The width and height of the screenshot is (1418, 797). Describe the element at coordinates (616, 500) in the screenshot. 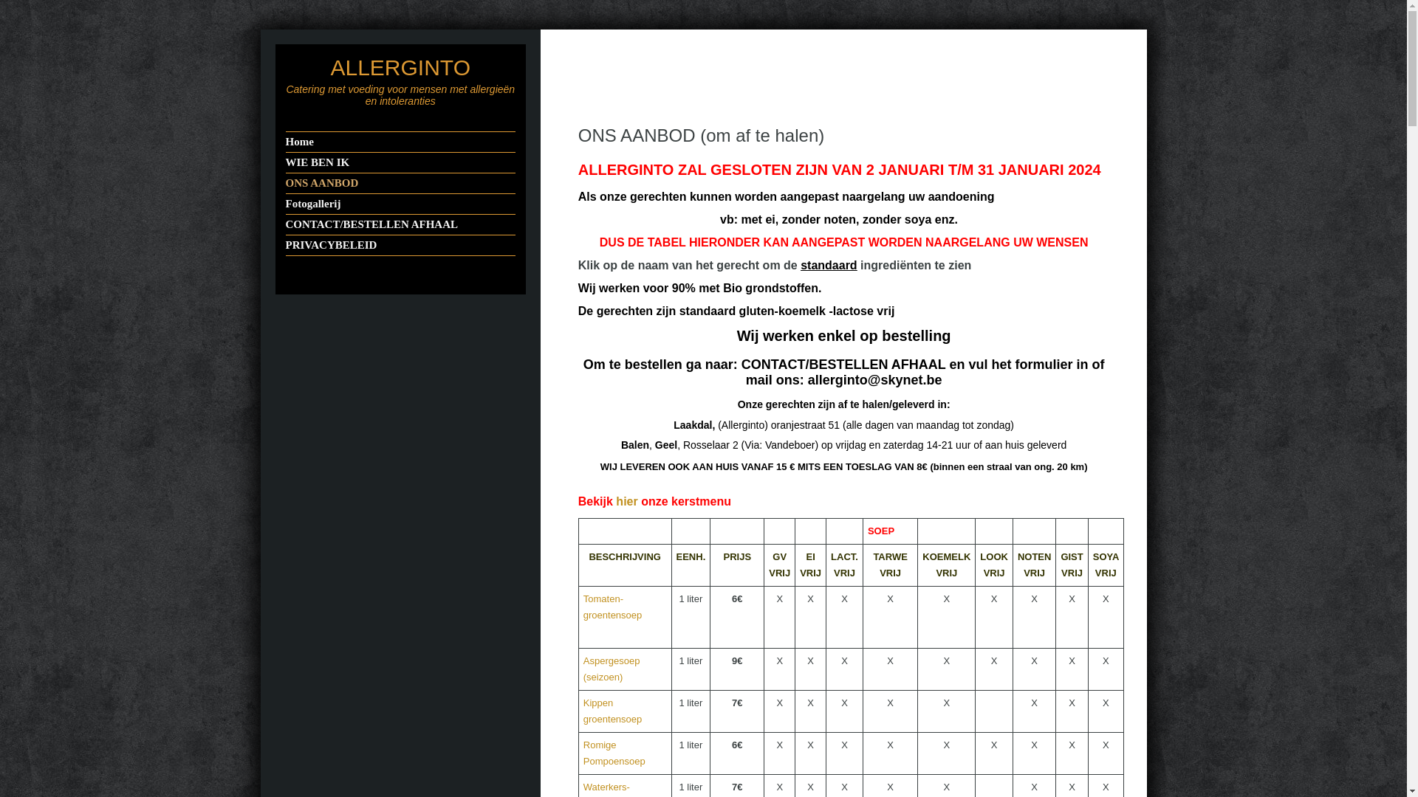

I see `'hier'` at that location.